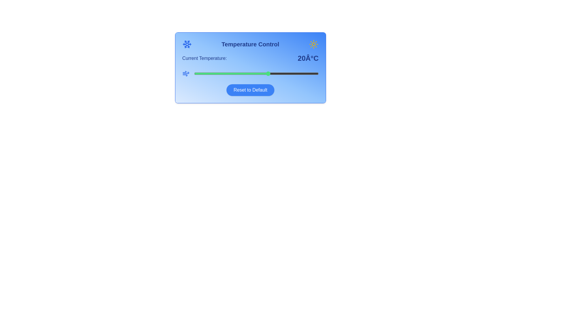  I want to click on the central circle of the sun-style icon representing warmth on the blue temperature control panel located at the top-right corner, so click(313, 44).